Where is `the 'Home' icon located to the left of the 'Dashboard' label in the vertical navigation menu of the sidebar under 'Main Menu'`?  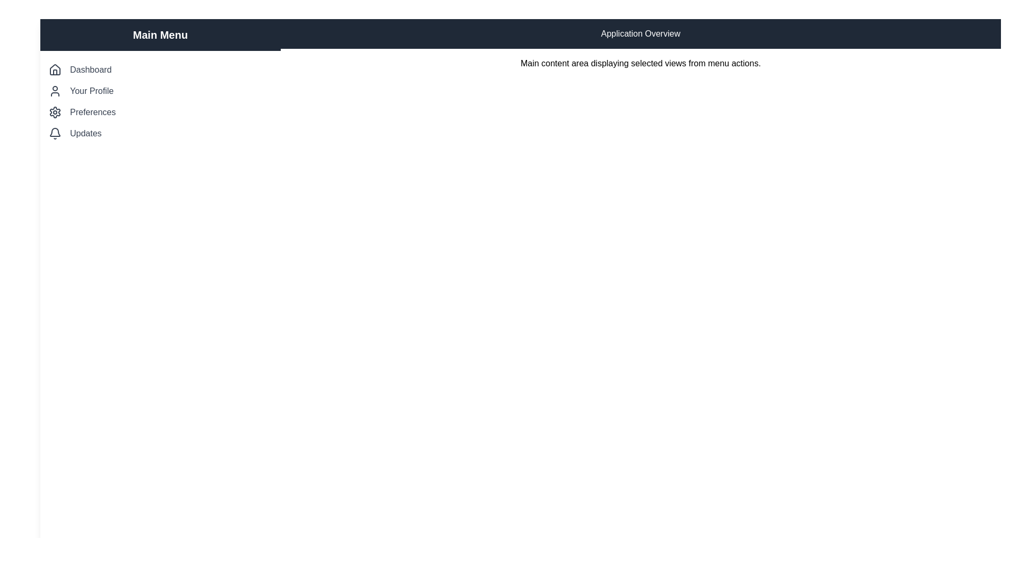 the 'Home' icon located to the left of the 'Dashboard' label in the vertical navigation menu of the sidebar under 'Main Menu' is located at coordinates (55, 70).